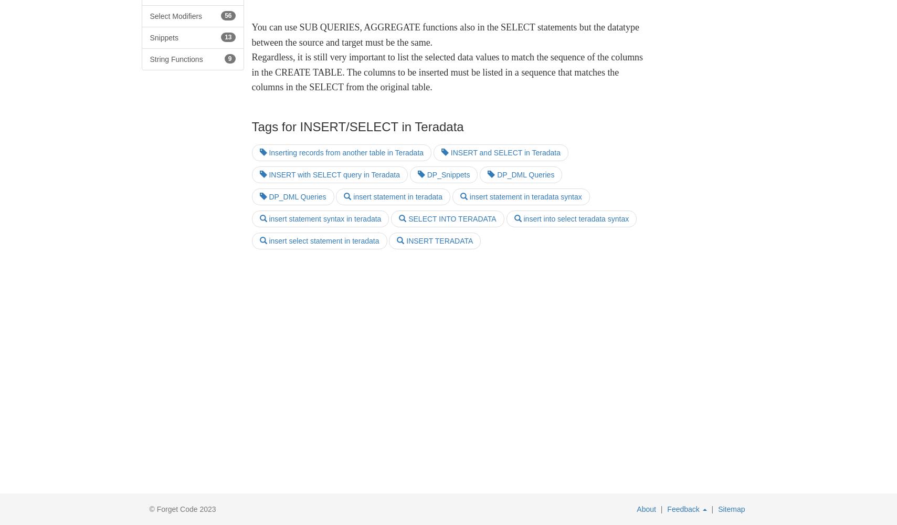 The image size is (897, 525). I want to click on 'INSERT with SELECT query in Teradata', so click(266, 174).